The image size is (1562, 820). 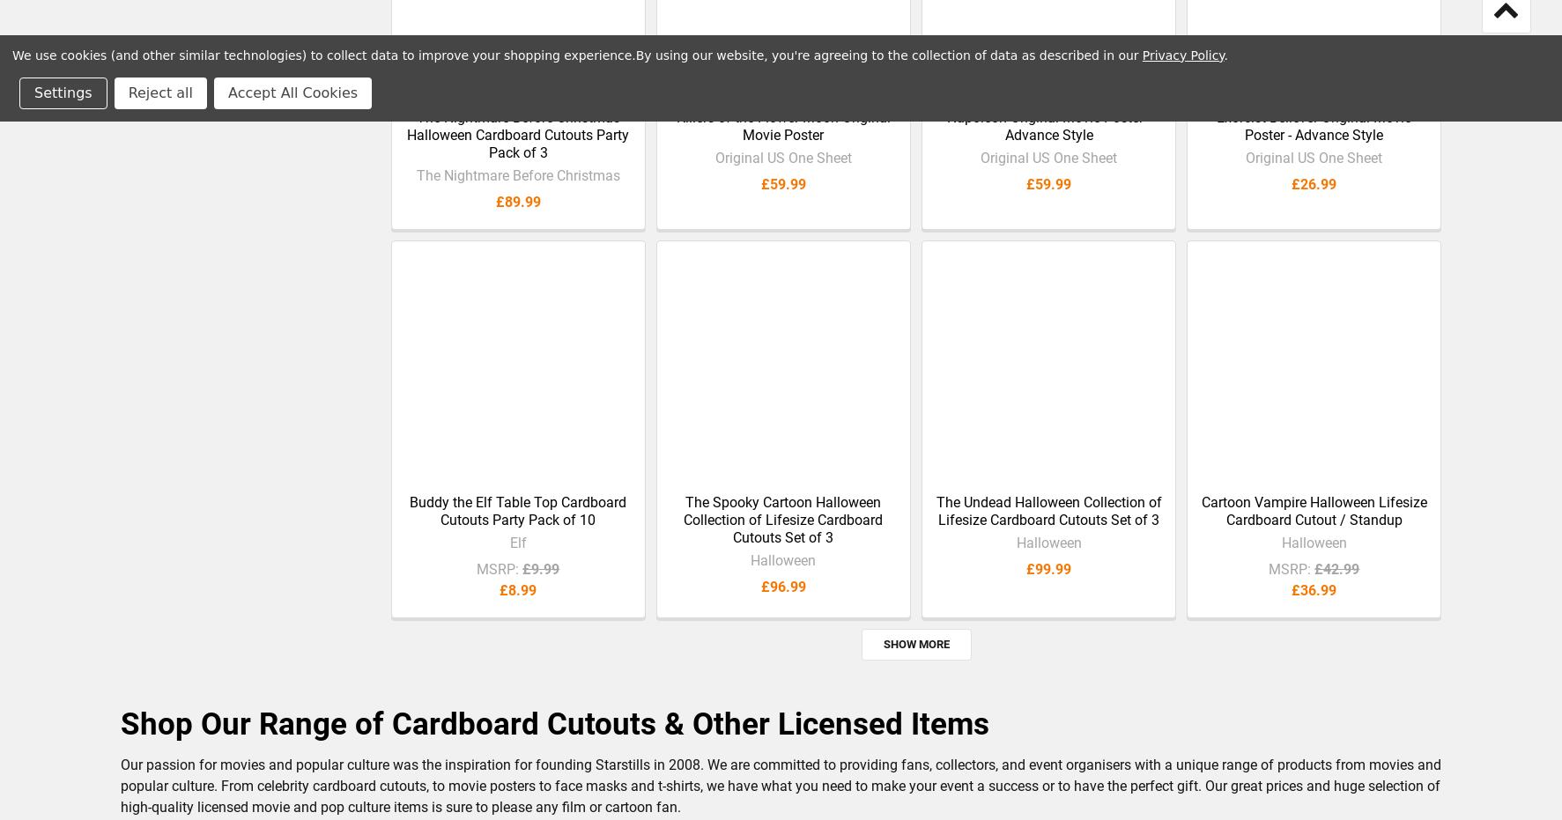 What do you see at coordinates (945, 139) in the screenshot?
I see `'Napoleon Original Movie Poster - Advance Style'` at bounding box center [945, 139].